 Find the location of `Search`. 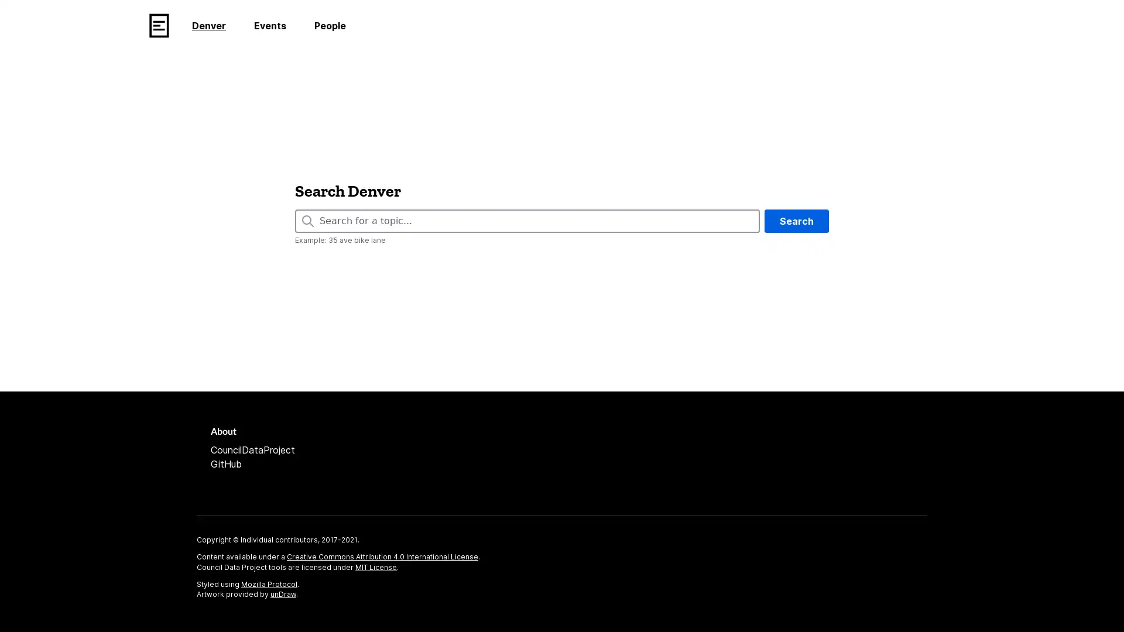

Search is located at coordinates (796, 221).